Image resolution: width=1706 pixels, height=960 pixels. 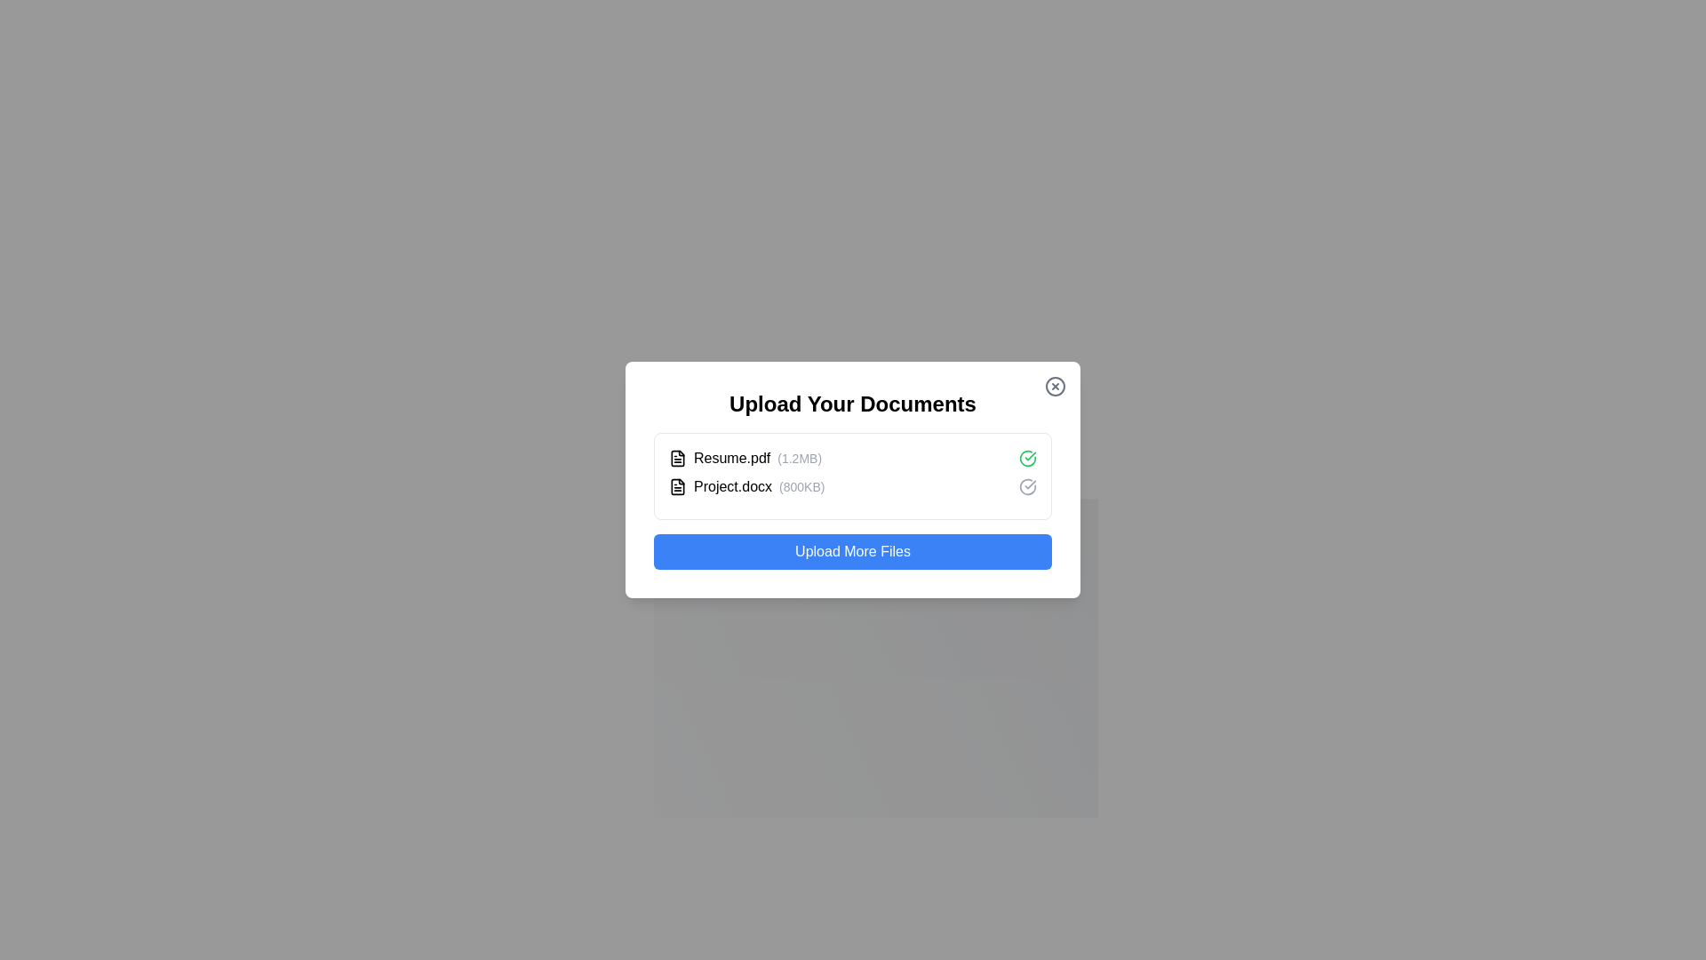 I want to click on the file icon located to the left of the label 'Project.docx (800KB)' in the second row of the document list, so click(x=677, y=486).